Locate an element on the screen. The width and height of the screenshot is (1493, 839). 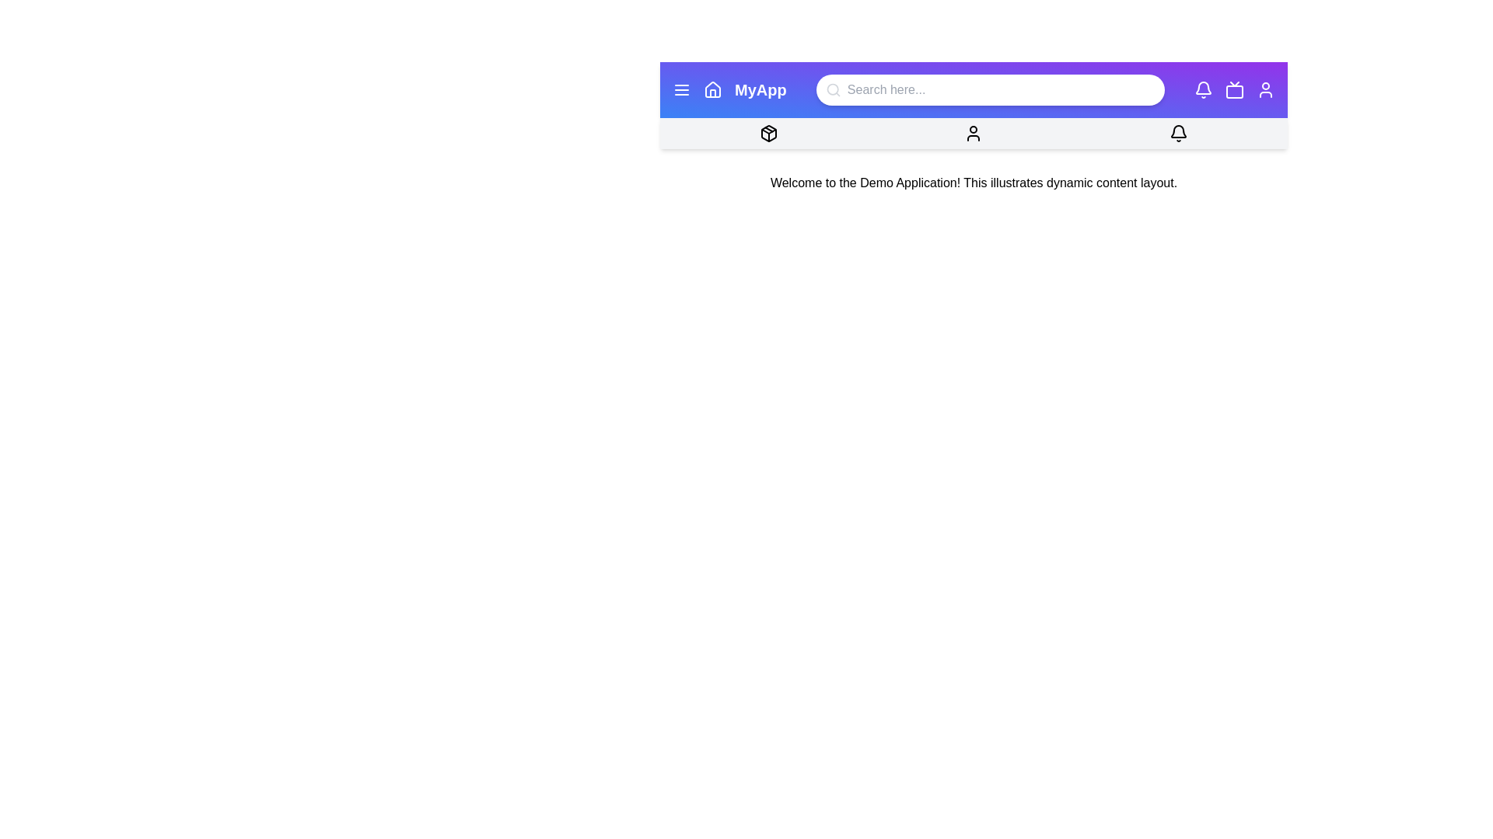
the package icon in the menu is located at coordinates (768, 133).